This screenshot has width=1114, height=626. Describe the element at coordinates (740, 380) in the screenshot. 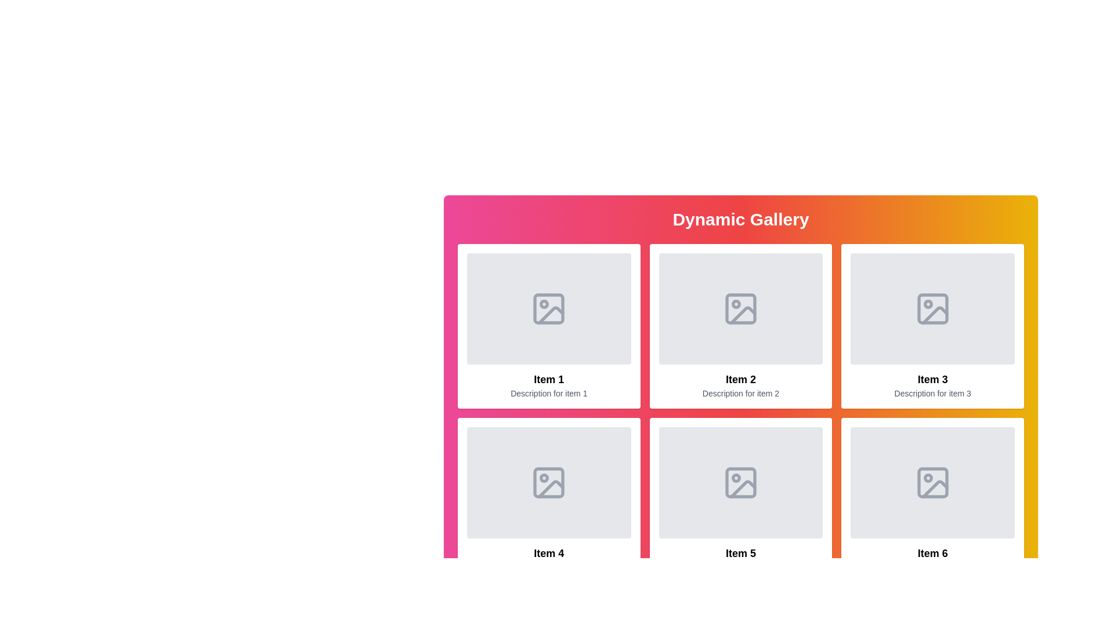

I see `the bold text label displaying 'Item 2' located within the second item panel of the 'Dynamic Gallery', positioned directly below the image placeholder` at that location.